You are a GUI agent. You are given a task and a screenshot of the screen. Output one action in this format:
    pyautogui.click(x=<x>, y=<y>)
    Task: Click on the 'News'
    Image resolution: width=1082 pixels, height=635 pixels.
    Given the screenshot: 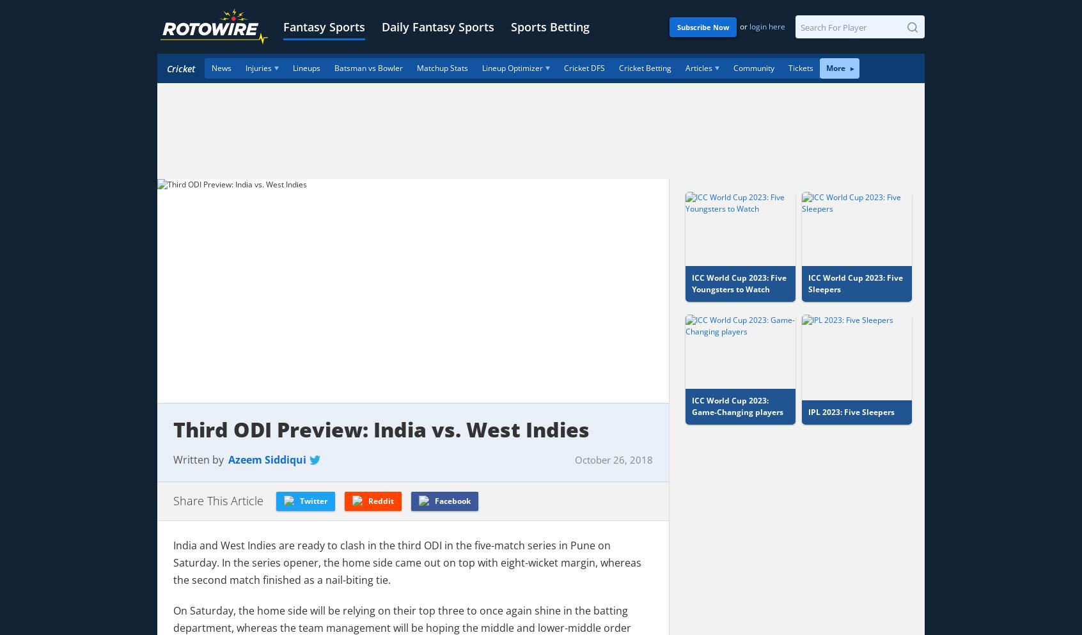 What is the action you would take?
    pyautogui.click(x=221, y=67)
    